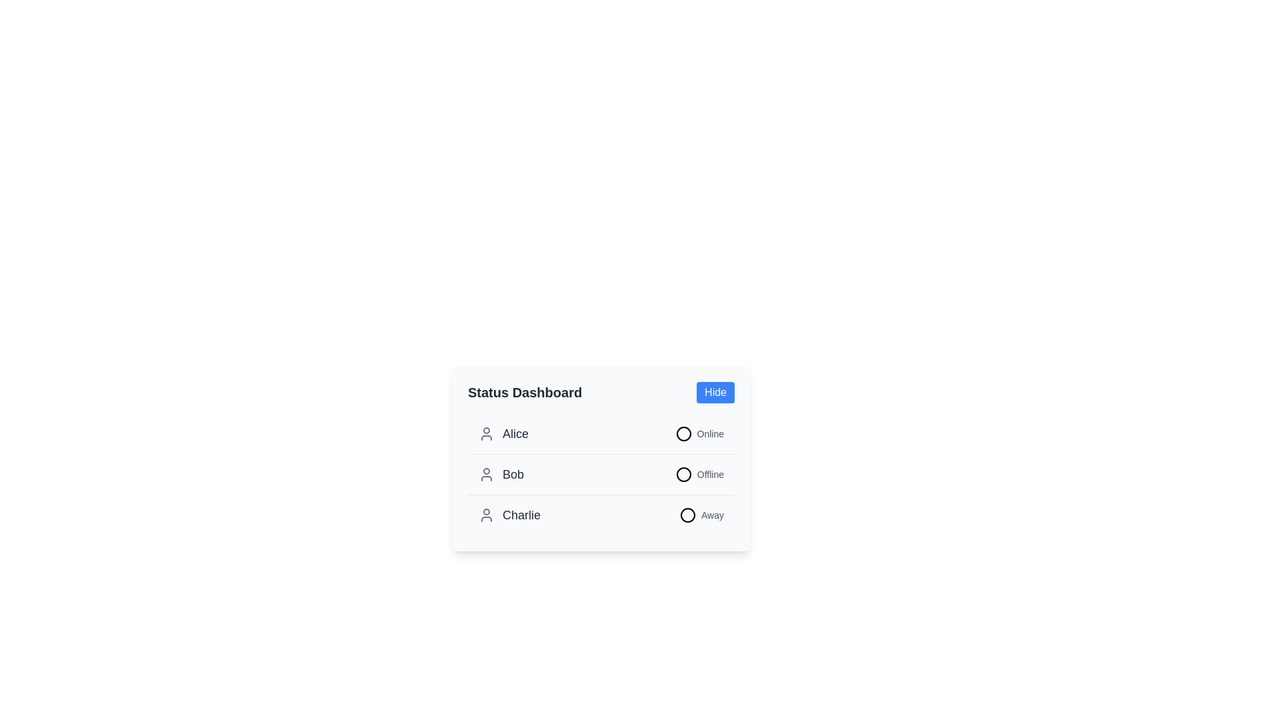  I want to click on the status update list item for user 'Bob', which displays 'Offline' and is the second entry in the user status list, so click(601, 474).